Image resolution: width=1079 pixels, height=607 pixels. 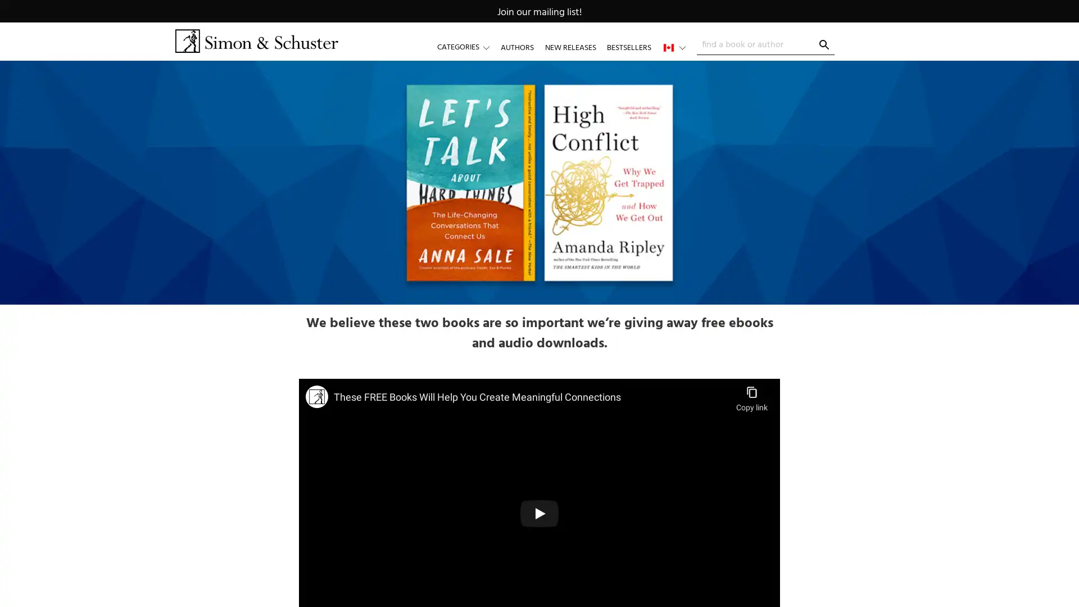 I want to click on AUTHORS, so click(x=516, y=47).